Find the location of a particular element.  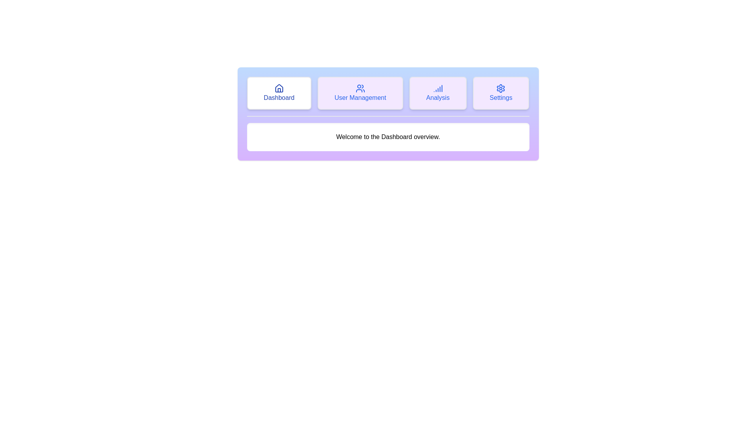

static text label displaying 'Welcome to the Dashboard overview.' which is centered within a white rounded rectangle is located at coordinates (388, 137).